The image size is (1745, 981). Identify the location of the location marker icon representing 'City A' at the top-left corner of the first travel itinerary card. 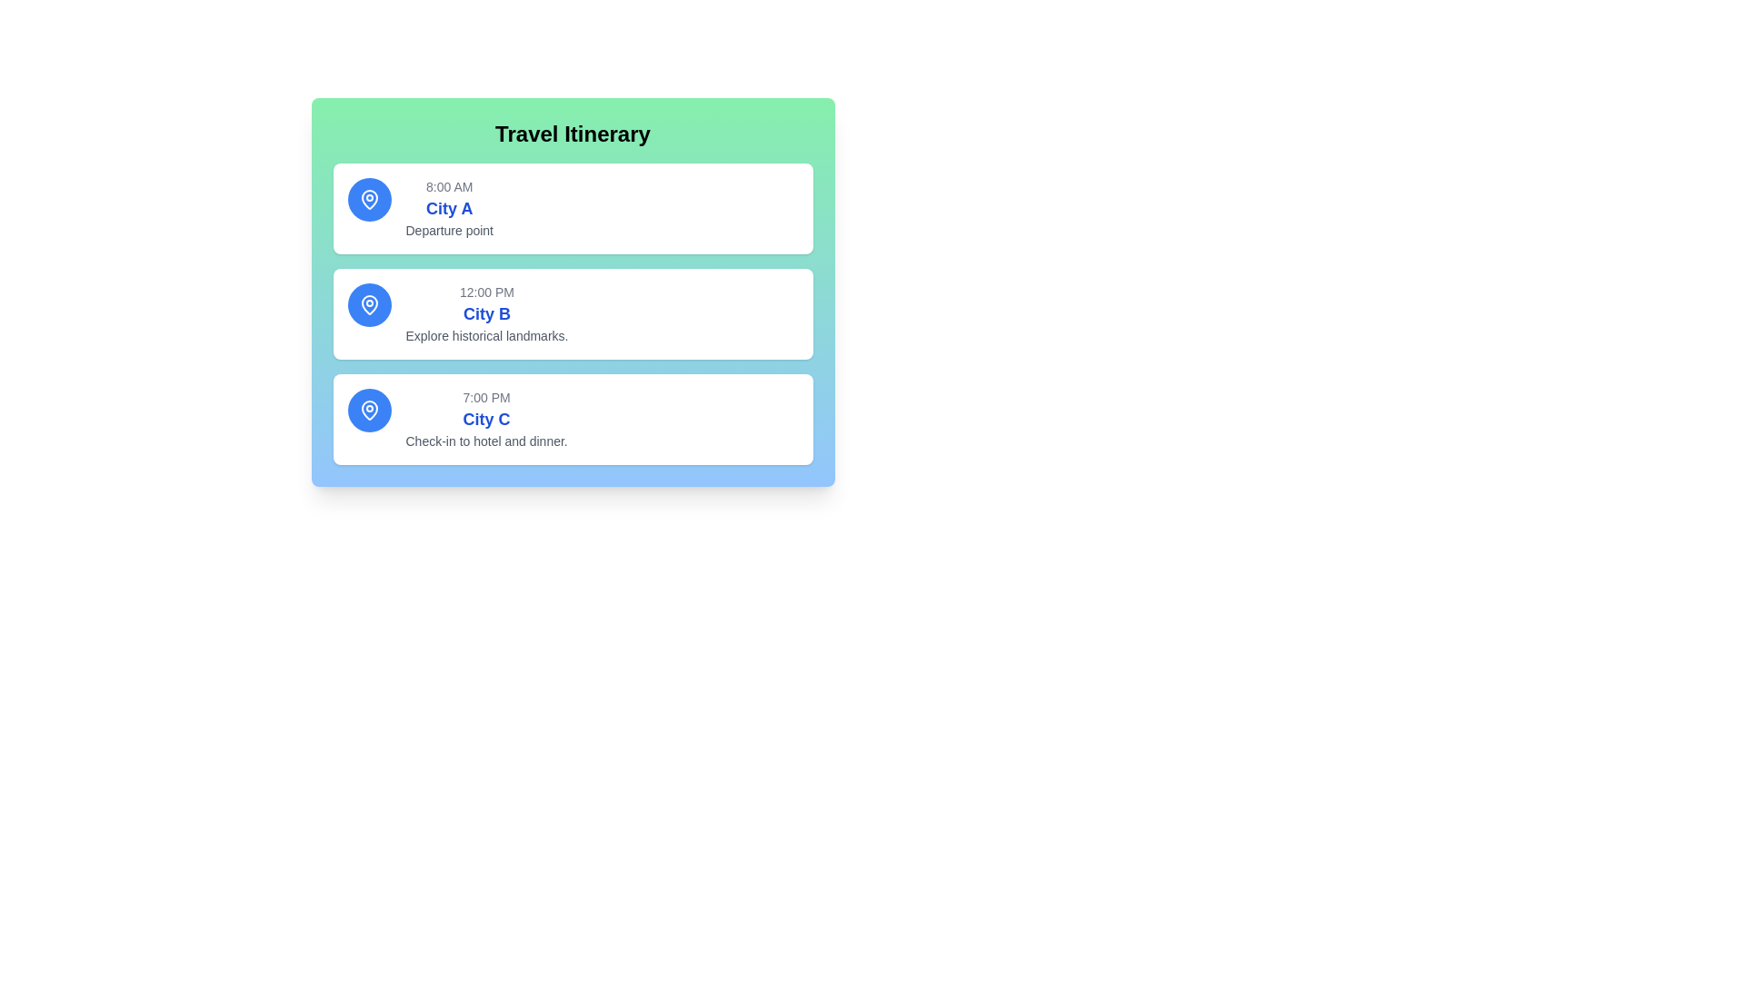
(368, 199).